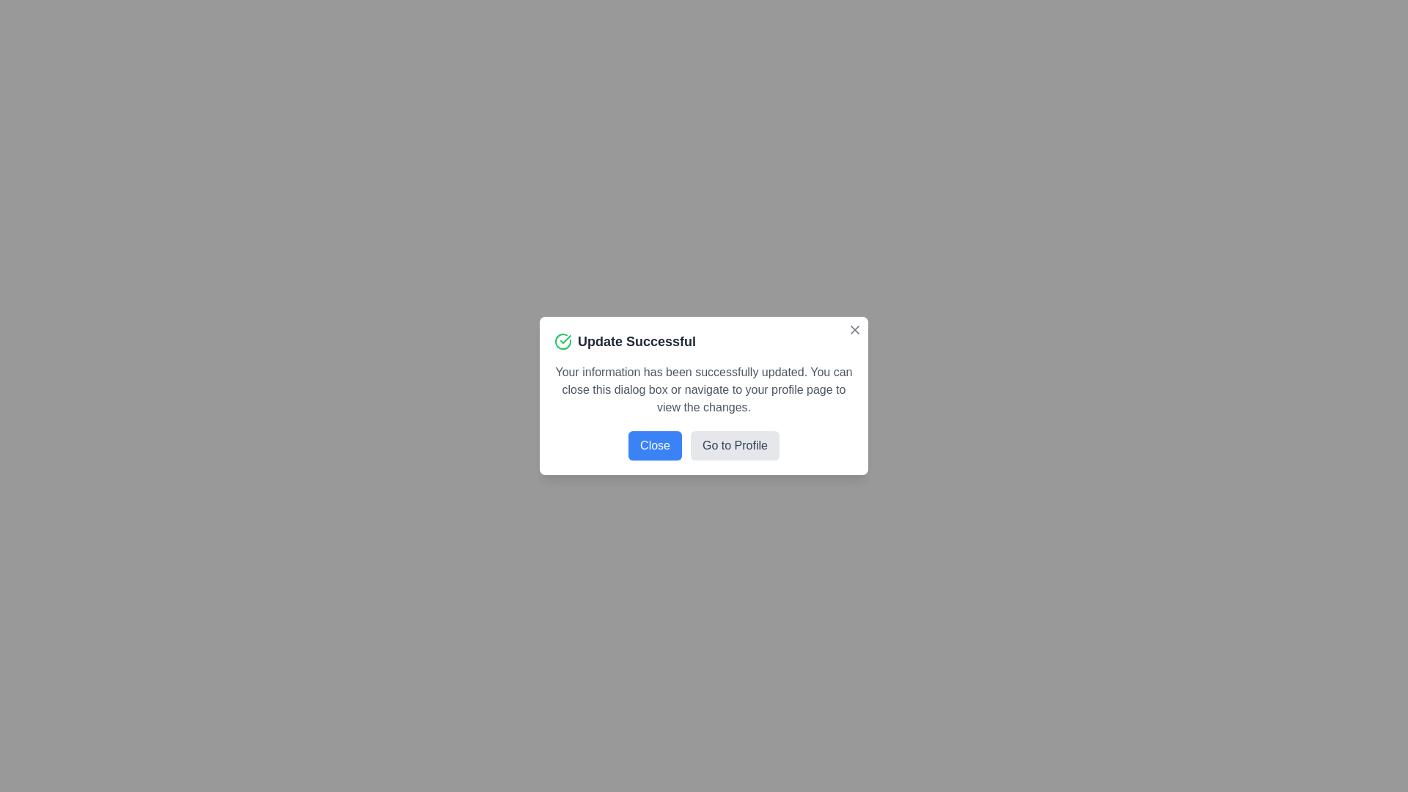 This screenshot has height=792, width=1408. What do you see at coordinates (735, 445) in the screenshot?
I see `the visual elements by focusing on Go to Profile button` at bounding box center [735, 445].